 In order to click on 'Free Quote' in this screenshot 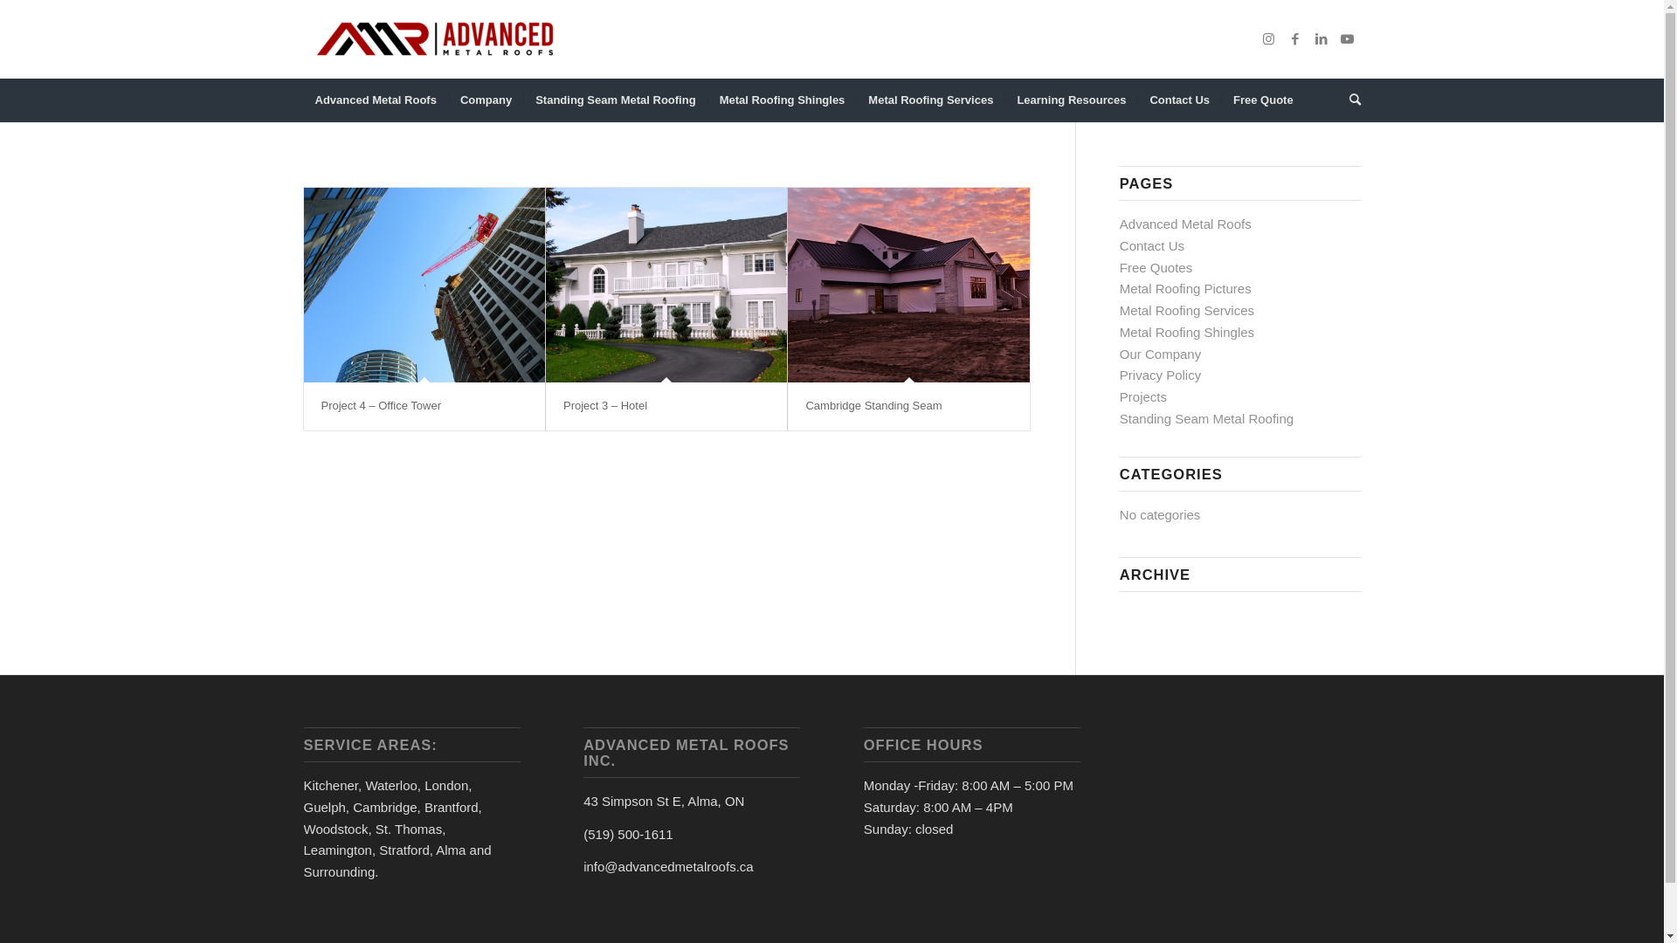, I will do `click(1219, 100)`.